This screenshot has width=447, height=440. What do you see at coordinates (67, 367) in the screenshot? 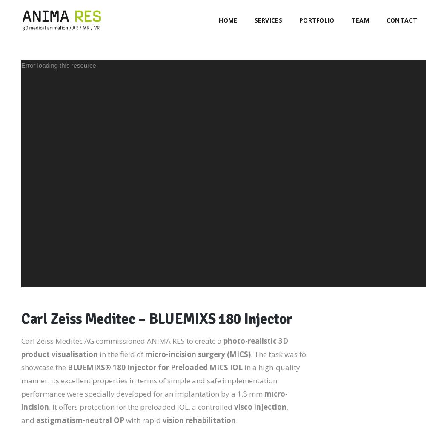
I see `'BLUEMIXS® 180 Injector for Preloaded MICS IOL'` at bounding box center [67, 367].